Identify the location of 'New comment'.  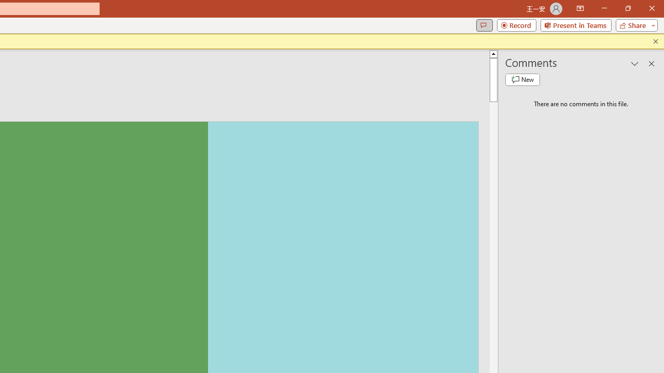
(522, 79).